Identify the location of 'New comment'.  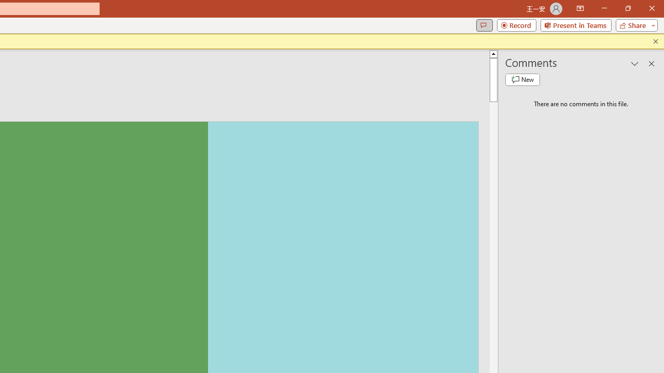
(522, 79).